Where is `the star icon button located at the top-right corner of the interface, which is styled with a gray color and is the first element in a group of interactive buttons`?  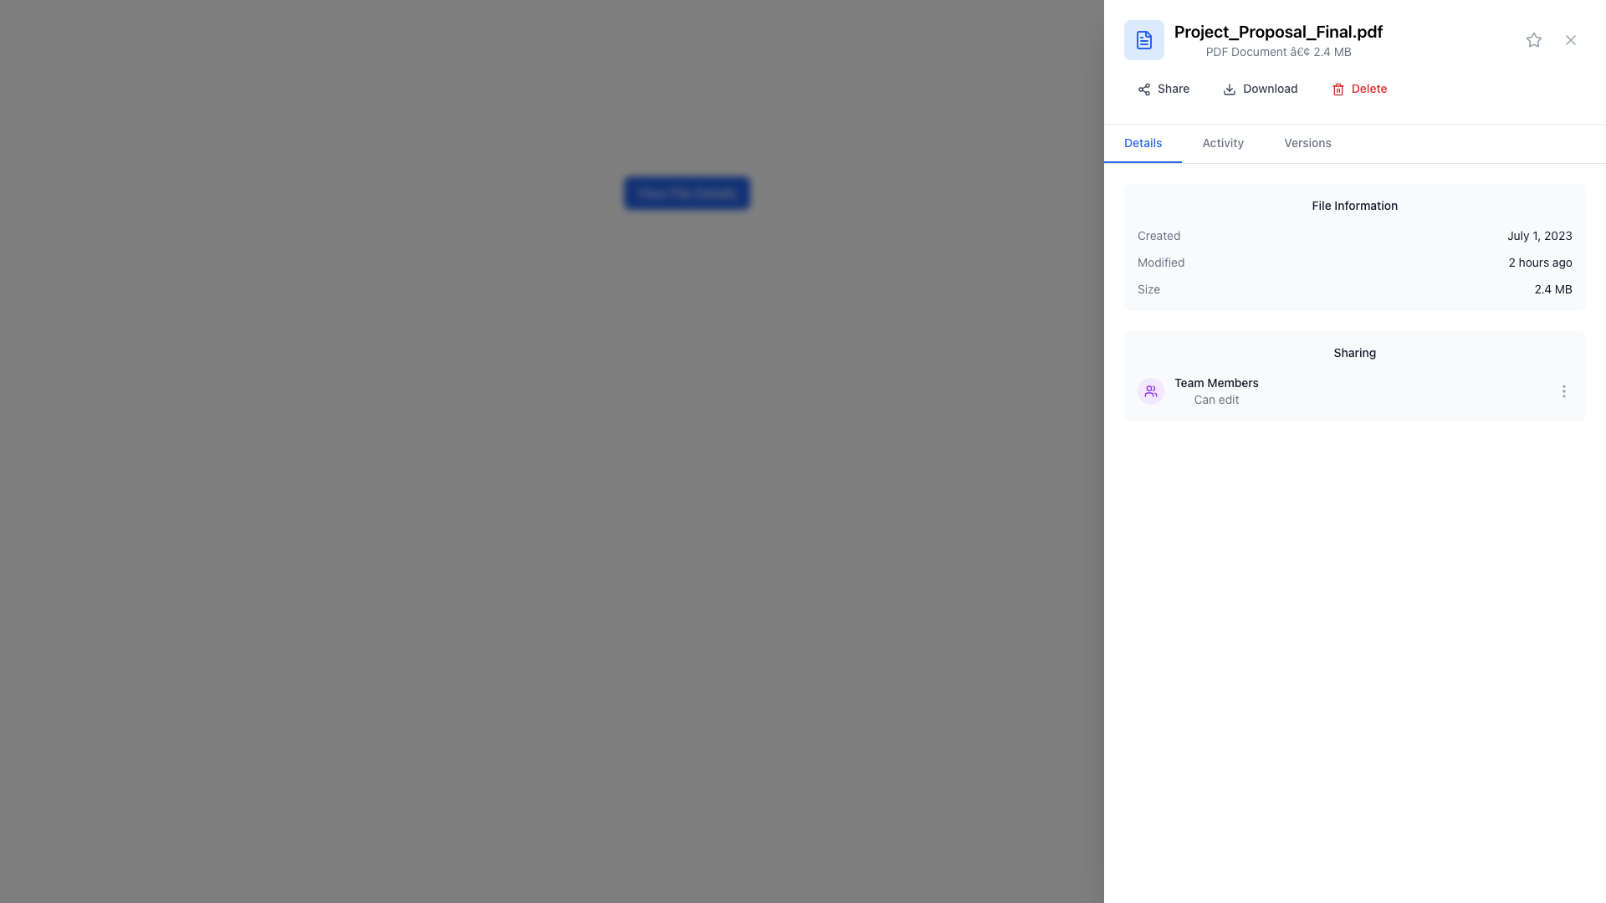
the star icon button located at the top-right corner of the interface, which is styled with a gray color and is the first element in a group of interactive buttons is located at coordinates (1533, 38).